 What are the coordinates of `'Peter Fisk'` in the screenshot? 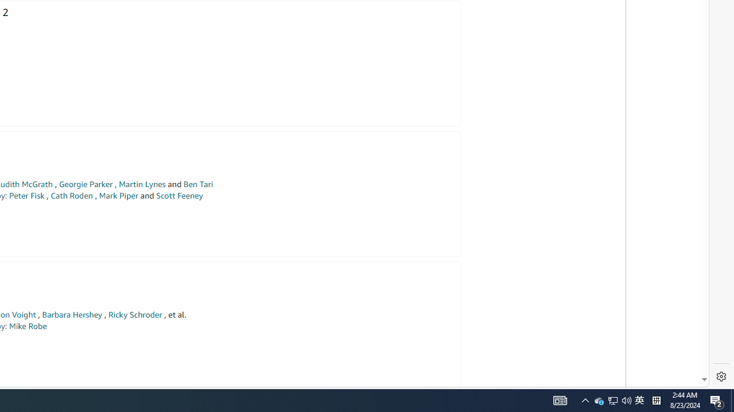 It's located at (26, 195).